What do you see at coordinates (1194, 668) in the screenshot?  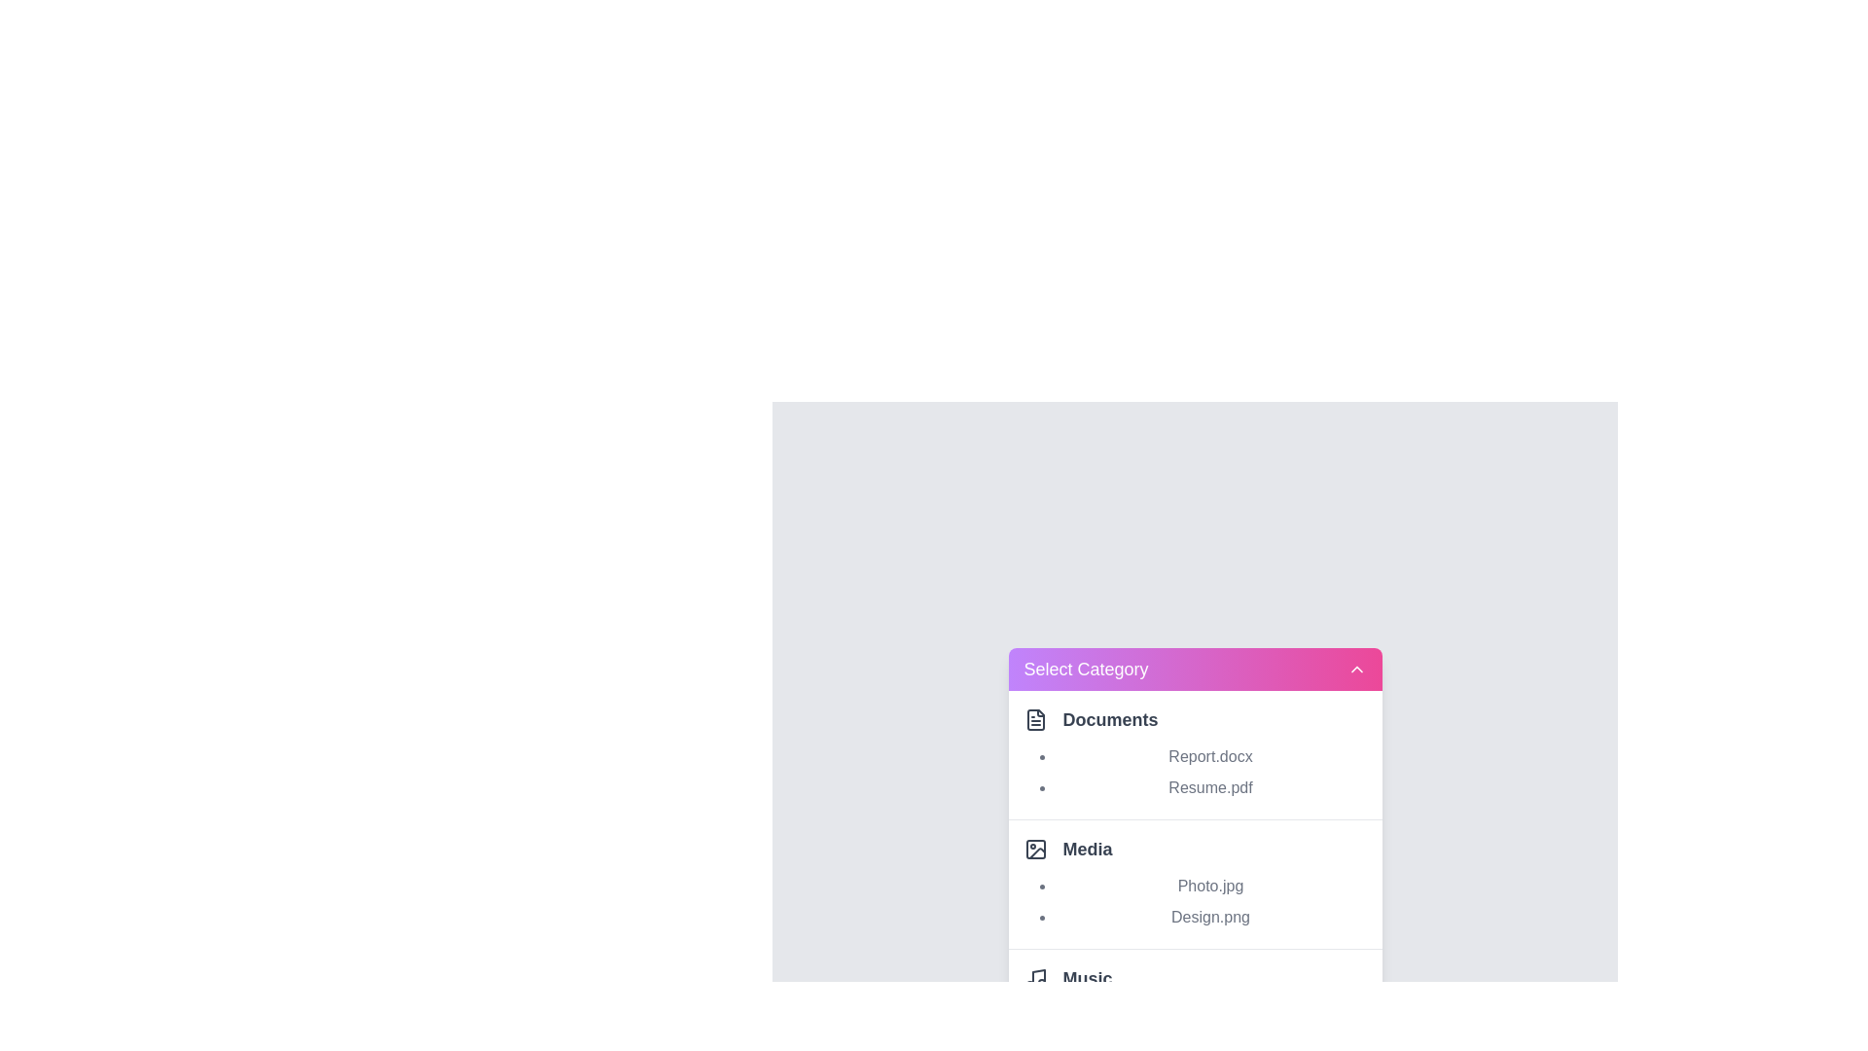 I see `the Dropdown toggler button at the top of the vertically aligned list` at bounding box center [1194, 668].